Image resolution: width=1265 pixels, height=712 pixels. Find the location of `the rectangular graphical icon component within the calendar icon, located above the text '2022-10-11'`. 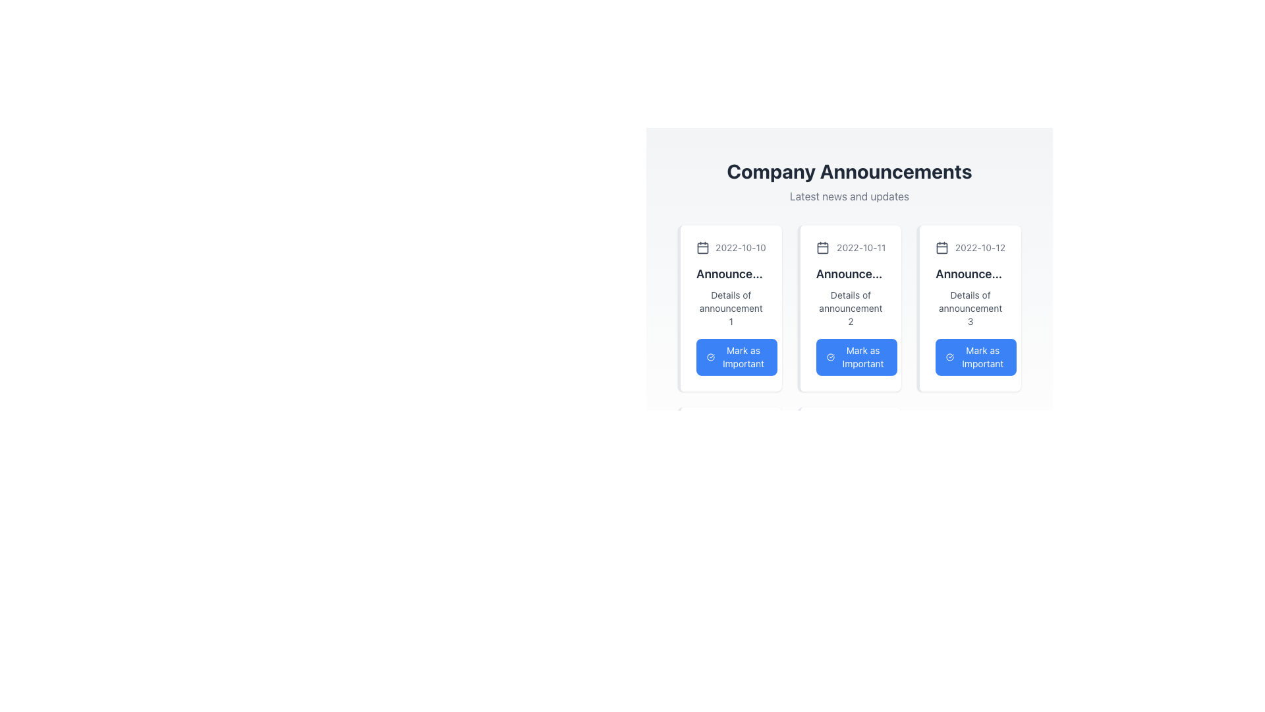

the rectangular graphical icon component within the calendar icon, located above the text '2022-10-11' is located at coordinates (822, 248).